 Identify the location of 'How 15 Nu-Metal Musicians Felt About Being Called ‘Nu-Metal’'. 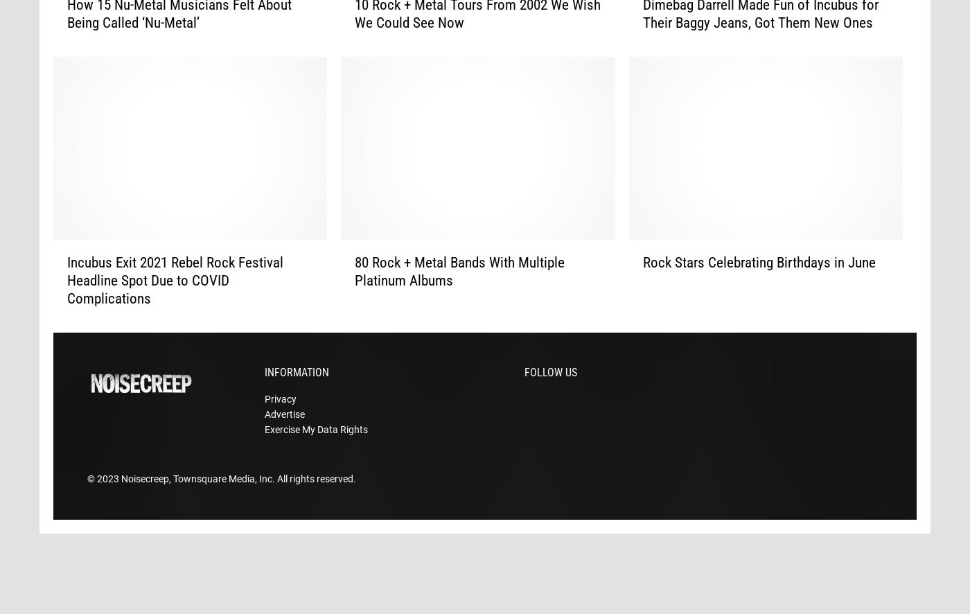
(179, 35).